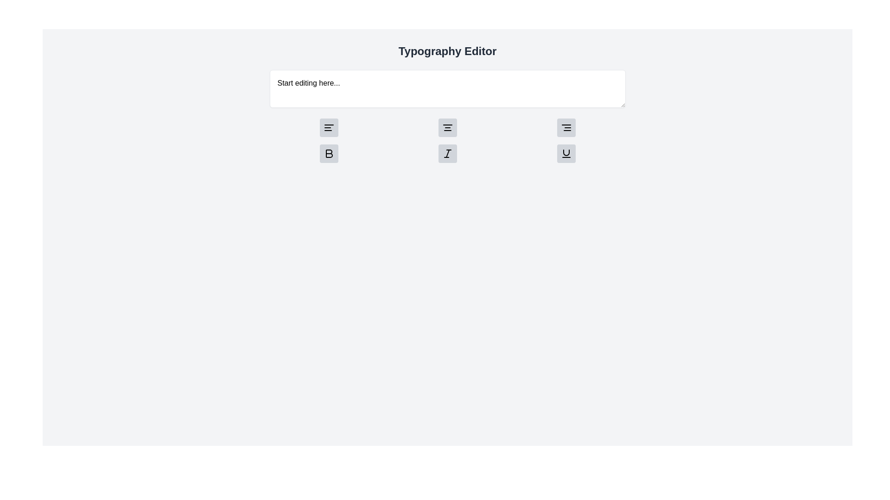 The image size is (890, 500). What do you see at coordinates (329, 153) in the screenshot?
I see `the bold 'B' icon button in the typography editor to apply bold formatting to the selected text` at bounding box center [329, 153].